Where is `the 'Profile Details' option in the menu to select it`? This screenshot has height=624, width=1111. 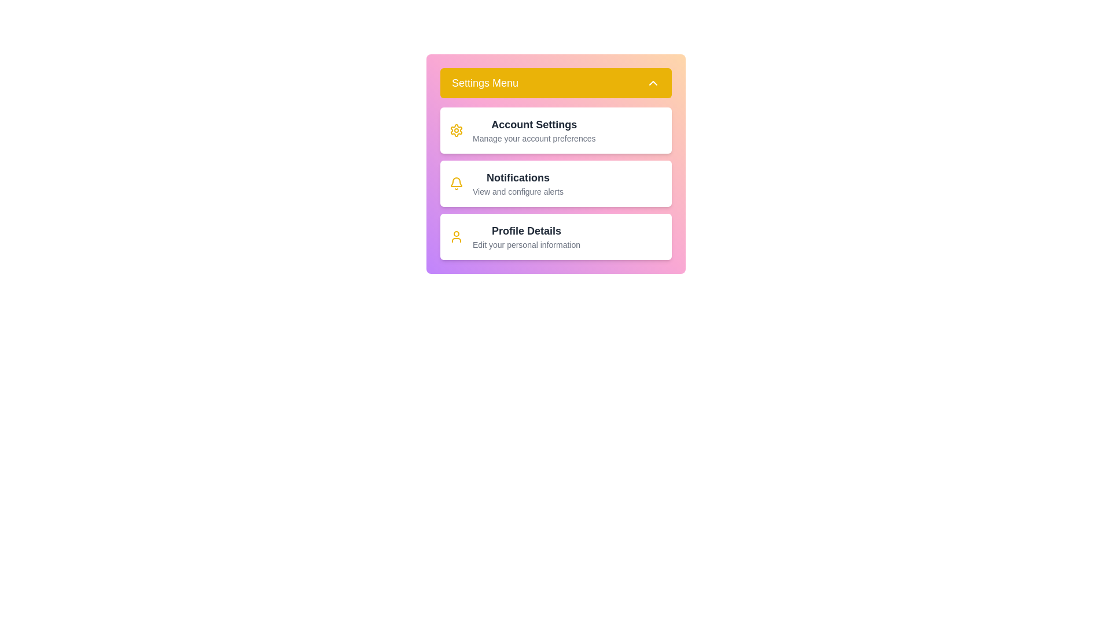 the 'Profile Details' option in the menu to select it is located at coordinates (526, 236).